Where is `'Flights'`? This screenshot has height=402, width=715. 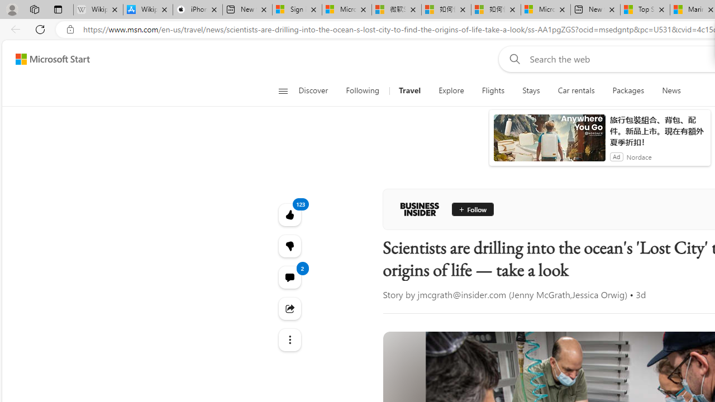
'Flights' is located at coordinates (493, 90).